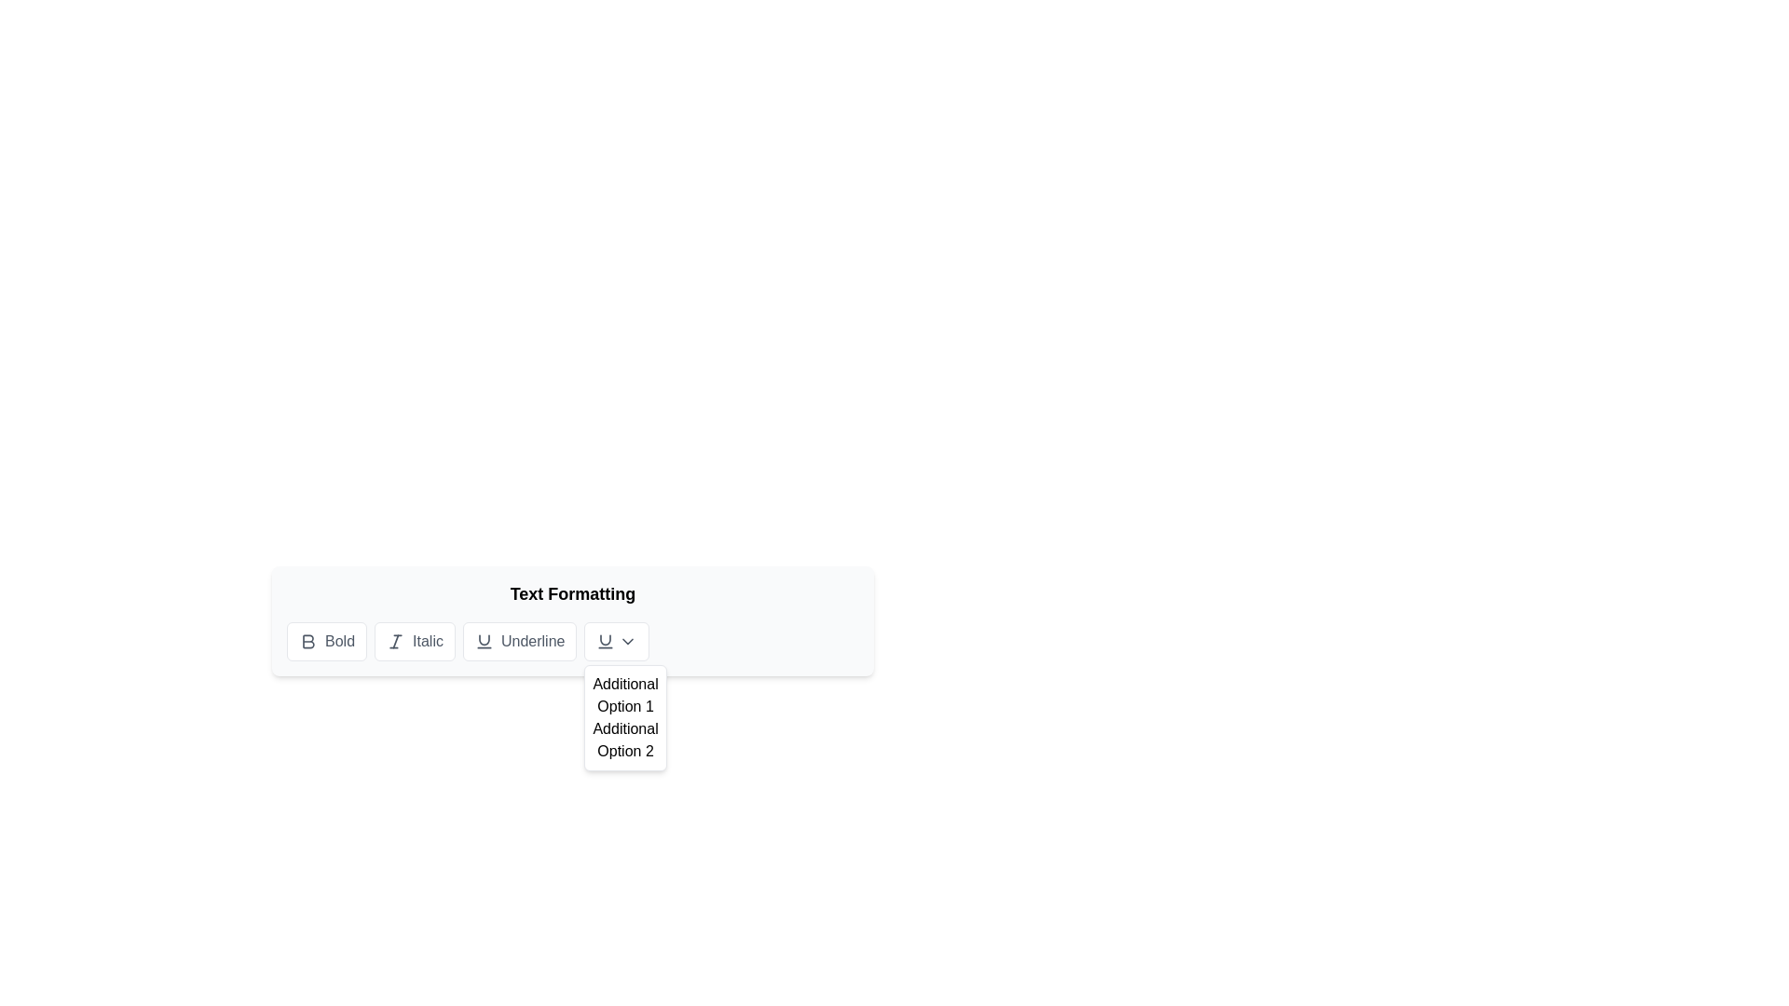  Describe the element at coordinates (308, 641) in the screenshot. I see `the bold text formatting icon located in the formatting toolbar` at that location.